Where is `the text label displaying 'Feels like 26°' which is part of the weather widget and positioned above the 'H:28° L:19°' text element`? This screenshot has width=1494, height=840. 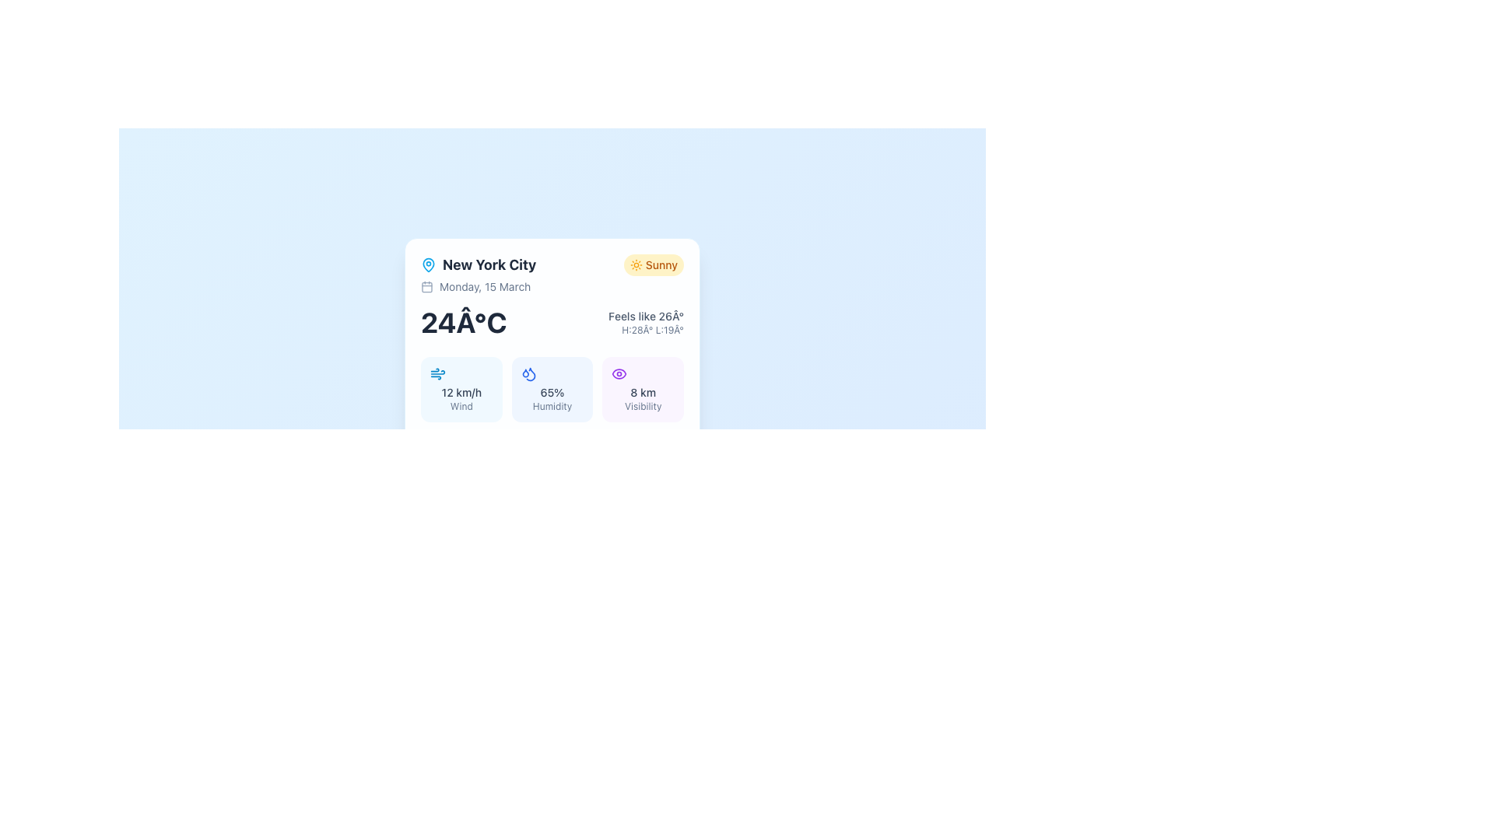 the text label displaying 'Feels like 26°' which is part of the weather widget and positioned above the 'H:28° L:19°' text element is located at coordinates (646, 316).